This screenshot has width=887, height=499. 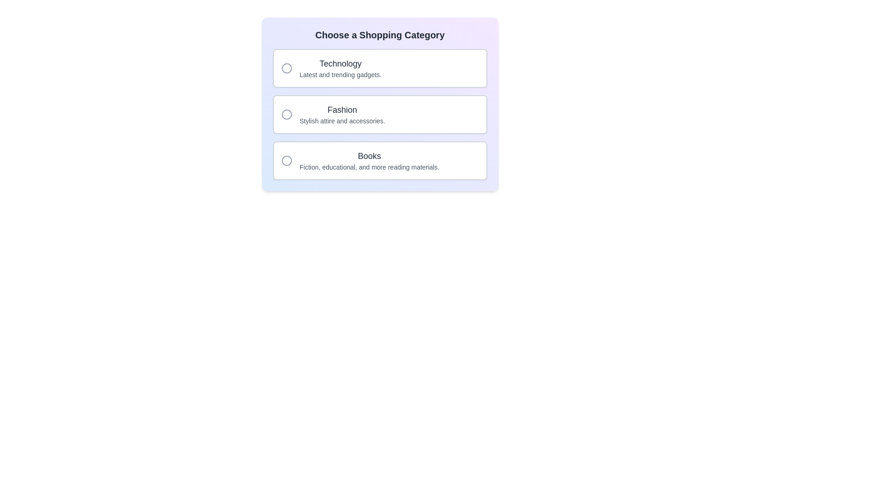 What do you see at coordinates (340, 74) in the screenshot?
I see `the descriptive text label located below the 'Technology' title in the 'Choose a Shopping Category' interface` at bounding box center [340, 74].